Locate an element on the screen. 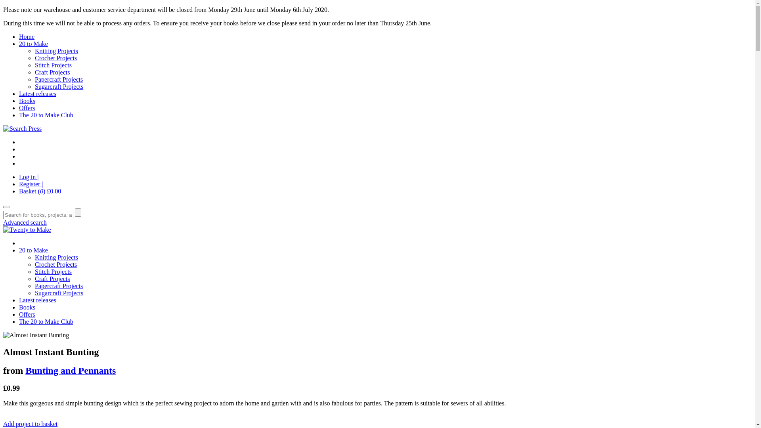 This screenshot has height=428, width=761. 'Knitting Projects' is located at coordinates (34, 257).